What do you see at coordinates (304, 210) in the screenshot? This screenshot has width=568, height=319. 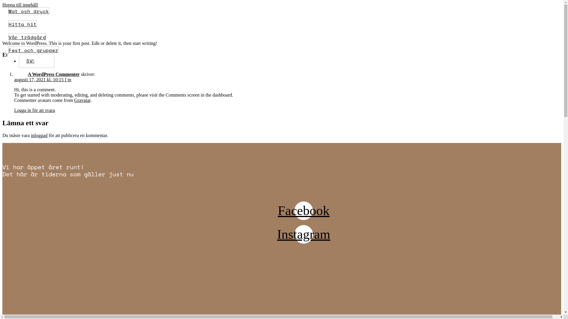 I see `'Facebook'` at bounding box center [304, 210].